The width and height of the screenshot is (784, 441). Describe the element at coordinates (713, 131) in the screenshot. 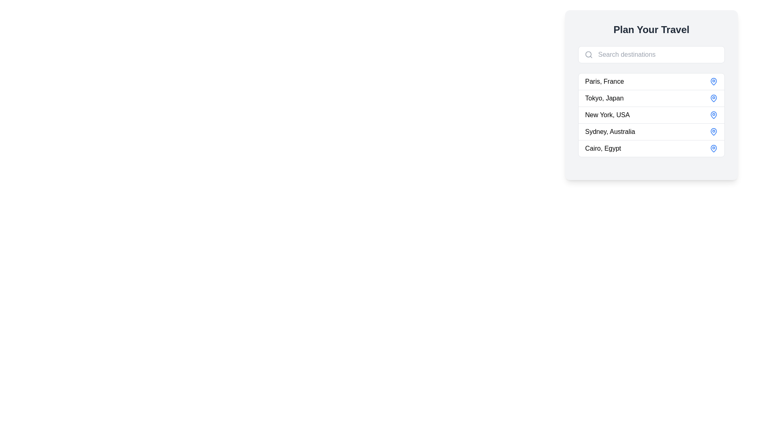

I see `the location pin icon for 'Sydney, Australia'` at that location.